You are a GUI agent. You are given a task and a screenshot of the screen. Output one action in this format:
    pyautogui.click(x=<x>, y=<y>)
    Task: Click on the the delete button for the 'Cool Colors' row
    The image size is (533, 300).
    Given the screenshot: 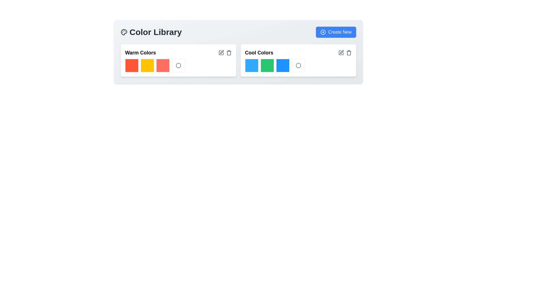 What is the action you would take?
    pyautogui.click(x=345, y=52)
    